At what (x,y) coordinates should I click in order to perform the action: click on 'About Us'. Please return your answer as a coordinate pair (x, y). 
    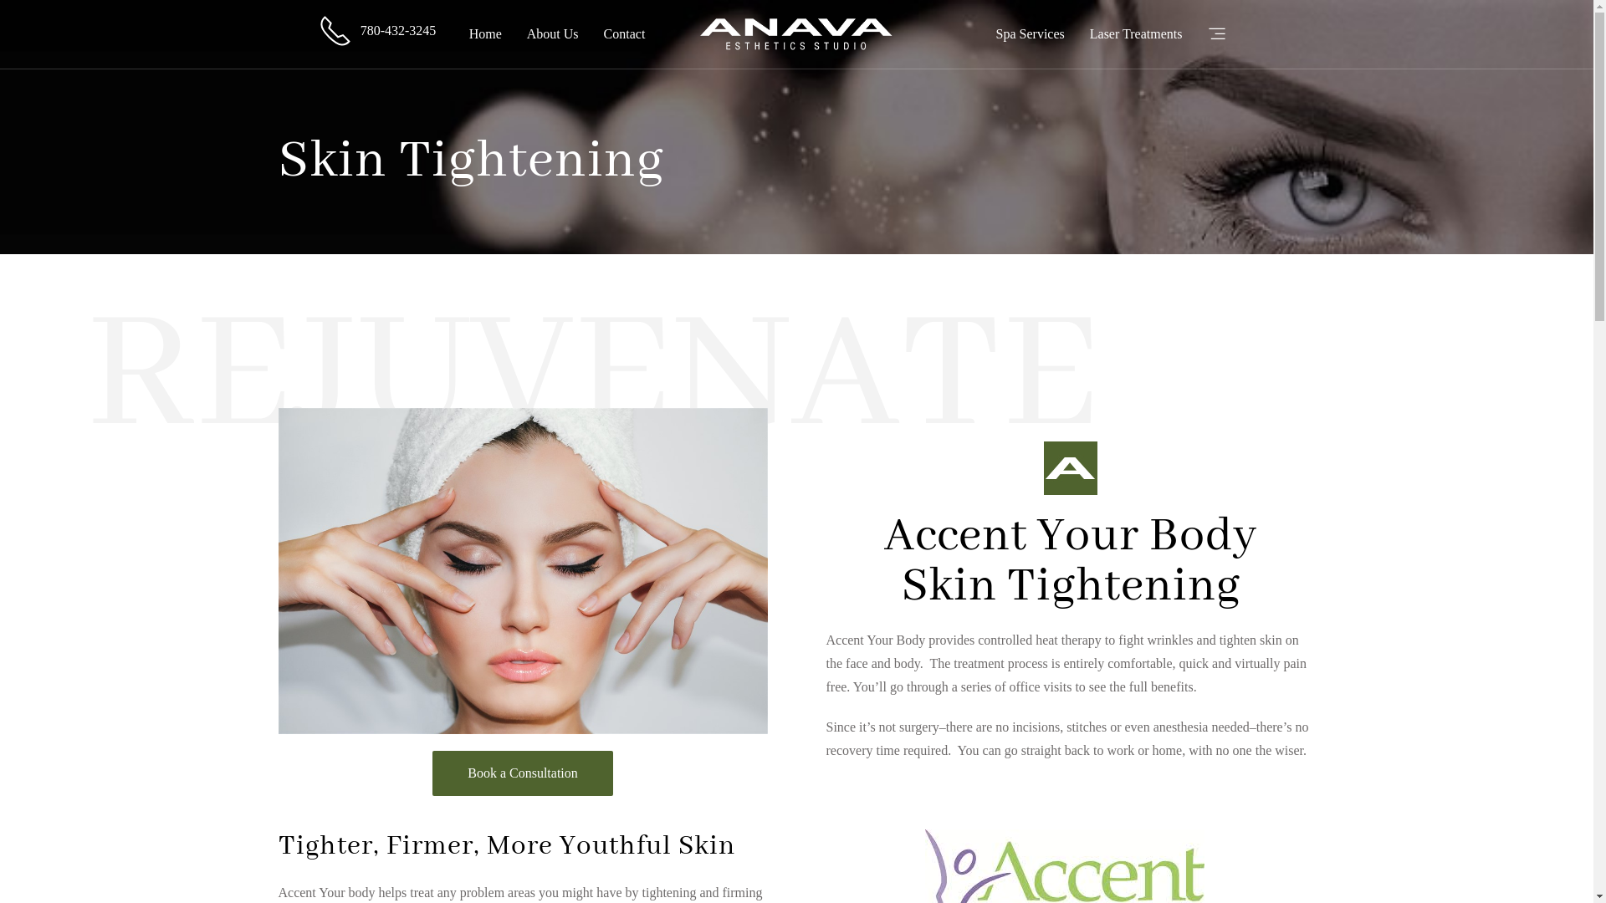
    Looking at the image, I should click on (553, 34).